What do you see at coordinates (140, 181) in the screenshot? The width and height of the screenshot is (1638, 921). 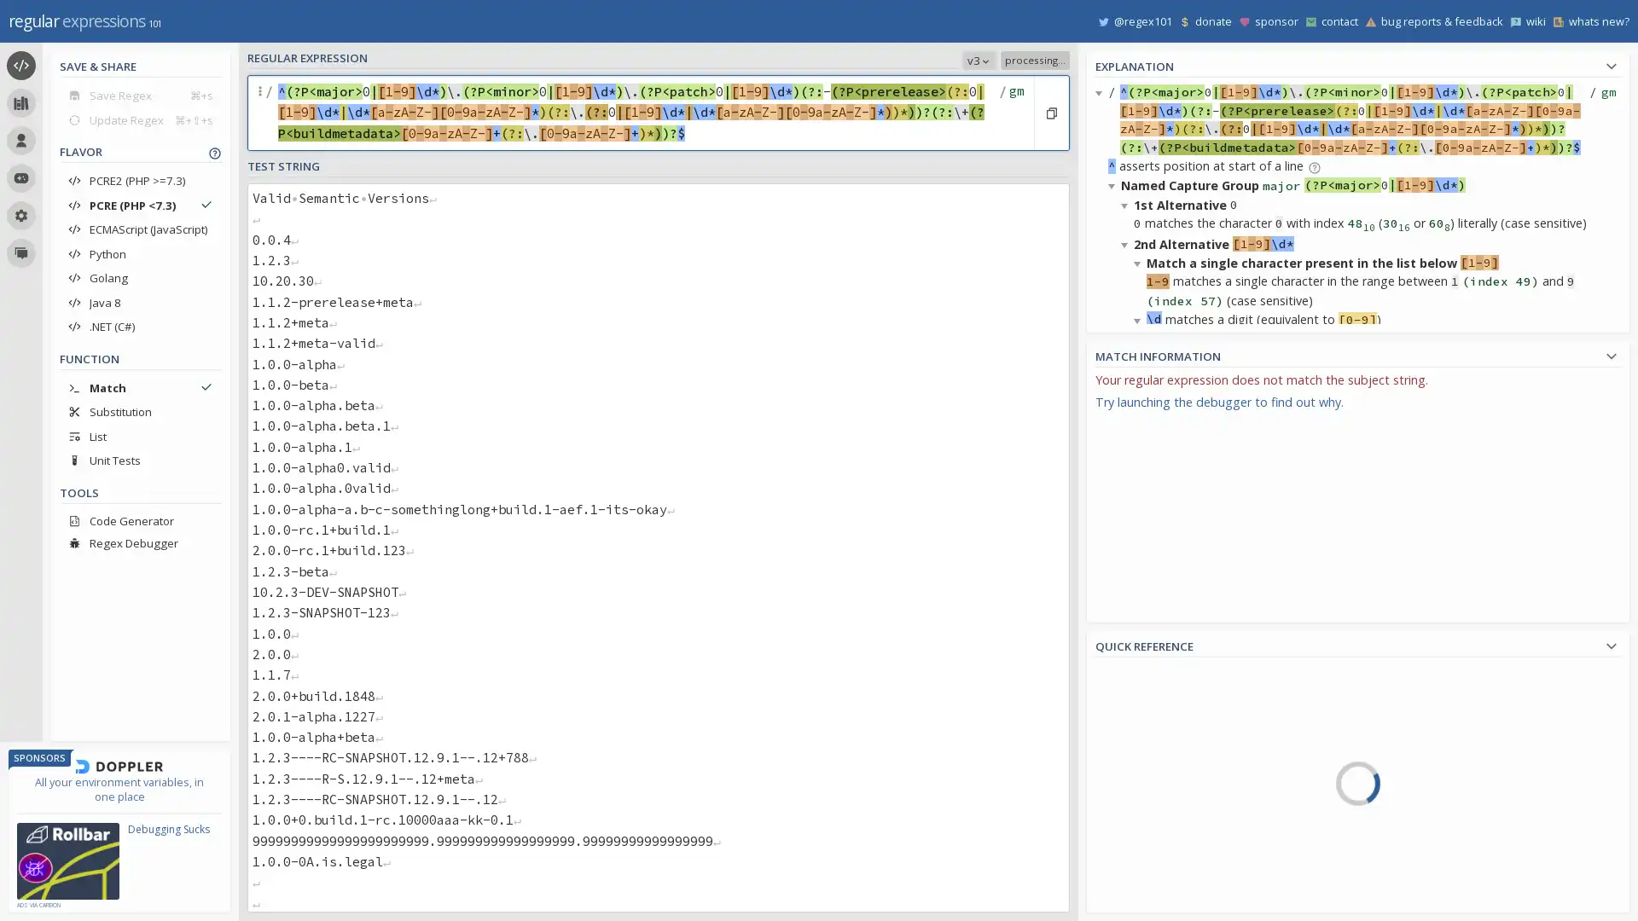 I see `PCRE2 (PHP >=7.3)` at bounding box center [140, 181].